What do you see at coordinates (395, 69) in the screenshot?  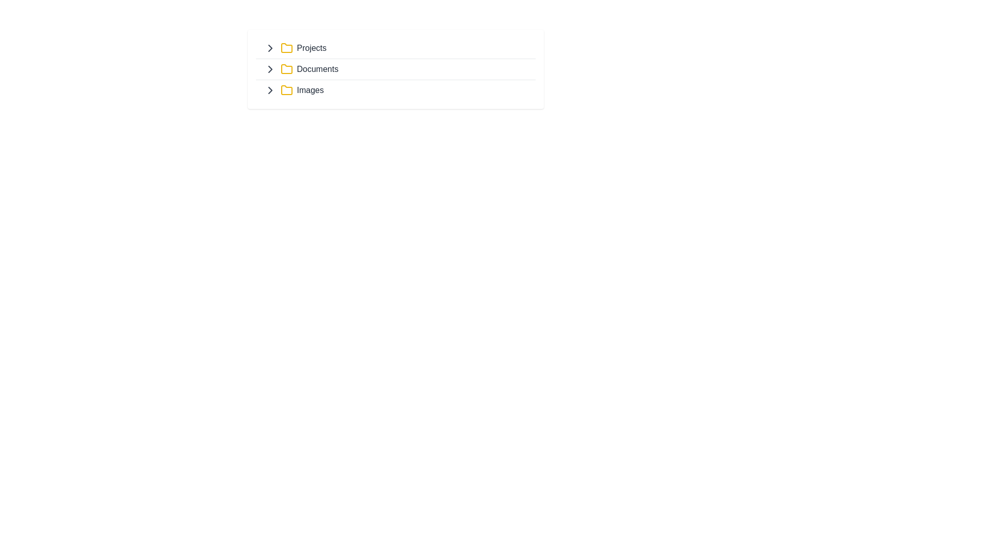 I see `the second list item or navigation entry within the menu` at bounding box center [395, 69].